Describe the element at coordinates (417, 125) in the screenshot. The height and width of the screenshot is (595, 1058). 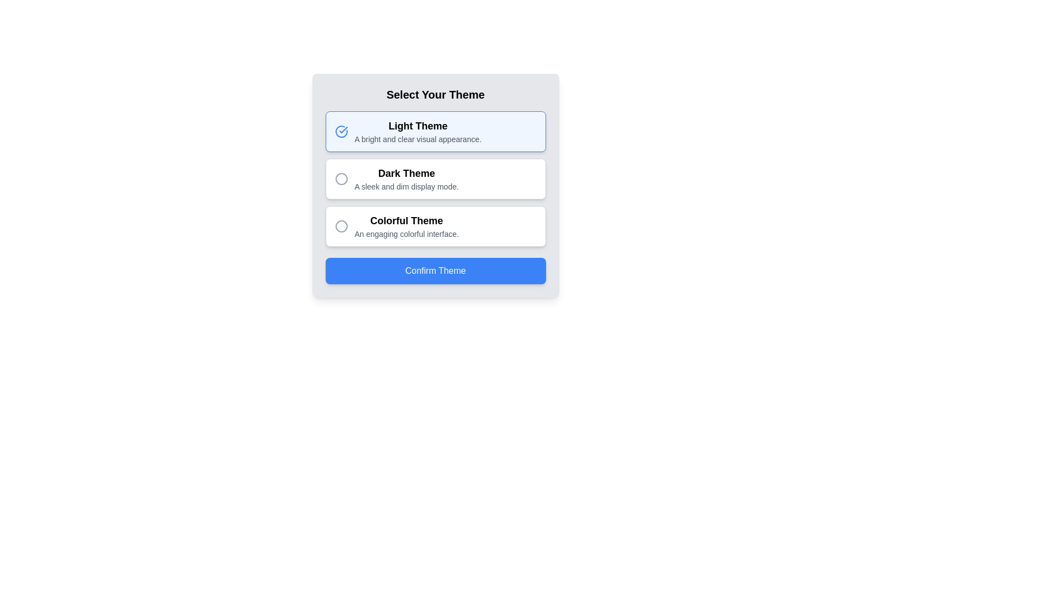
I see `the label element that serves as the title for the first theme option, which is labeled 'Light Theme' and provides a description for a bright and clear visual appearance` at that location.